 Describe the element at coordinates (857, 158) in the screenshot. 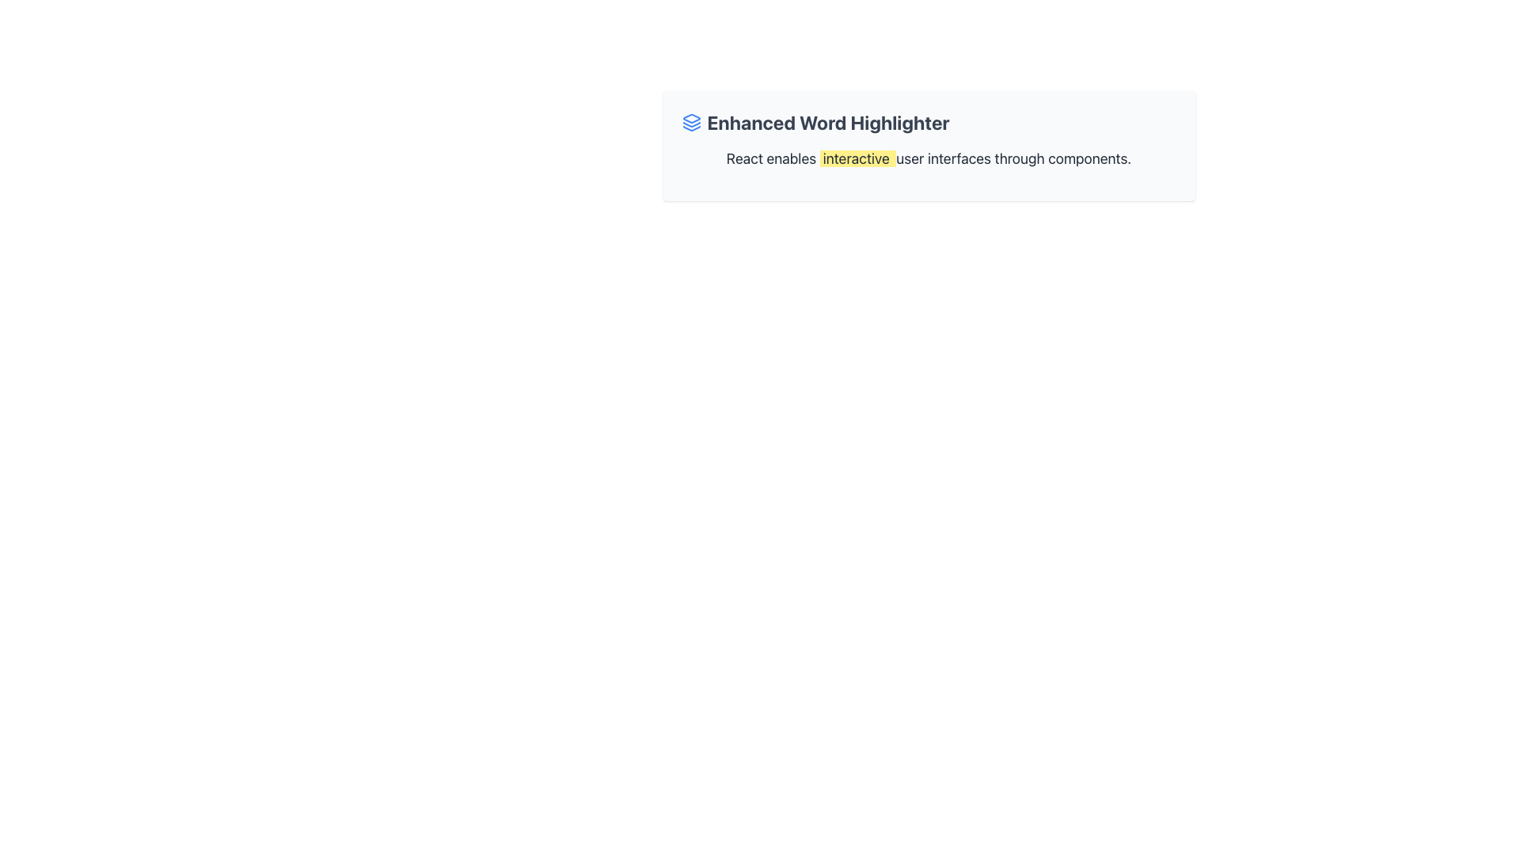

I see `the text element styled with a yellow background that reads 'interactive', located in the middle of the sentence 'React enables interactive user interfaces through components.'` at that location.